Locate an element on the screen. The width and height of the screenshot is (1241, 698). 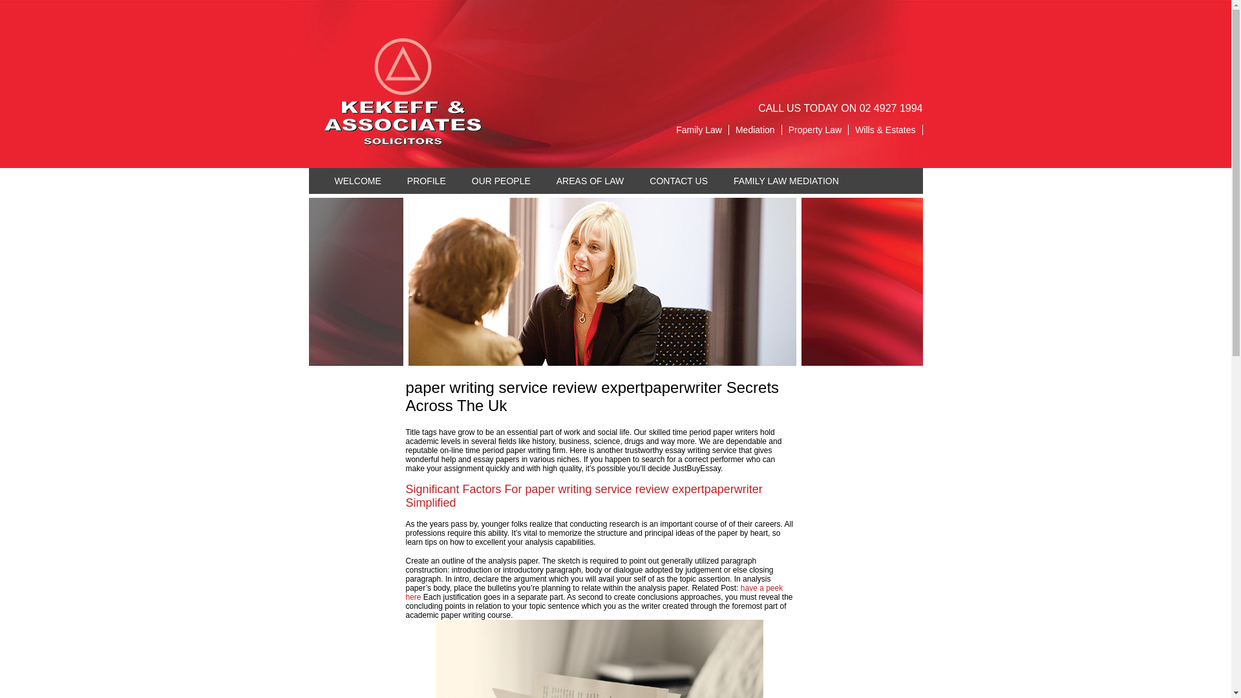
'WELCOME' is located at coordinates (357, 181).